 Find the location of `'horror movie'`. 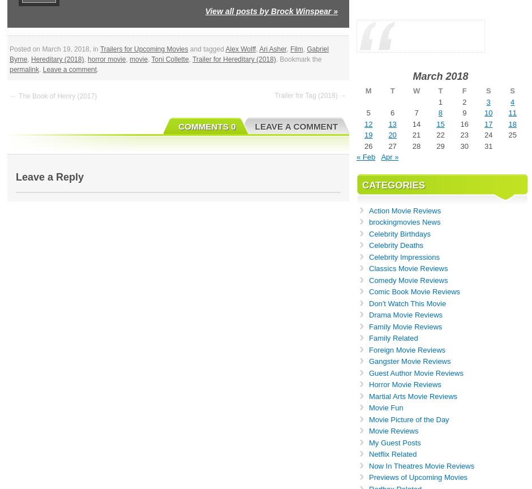

'horror movie' is located at coordinates (87, 59).